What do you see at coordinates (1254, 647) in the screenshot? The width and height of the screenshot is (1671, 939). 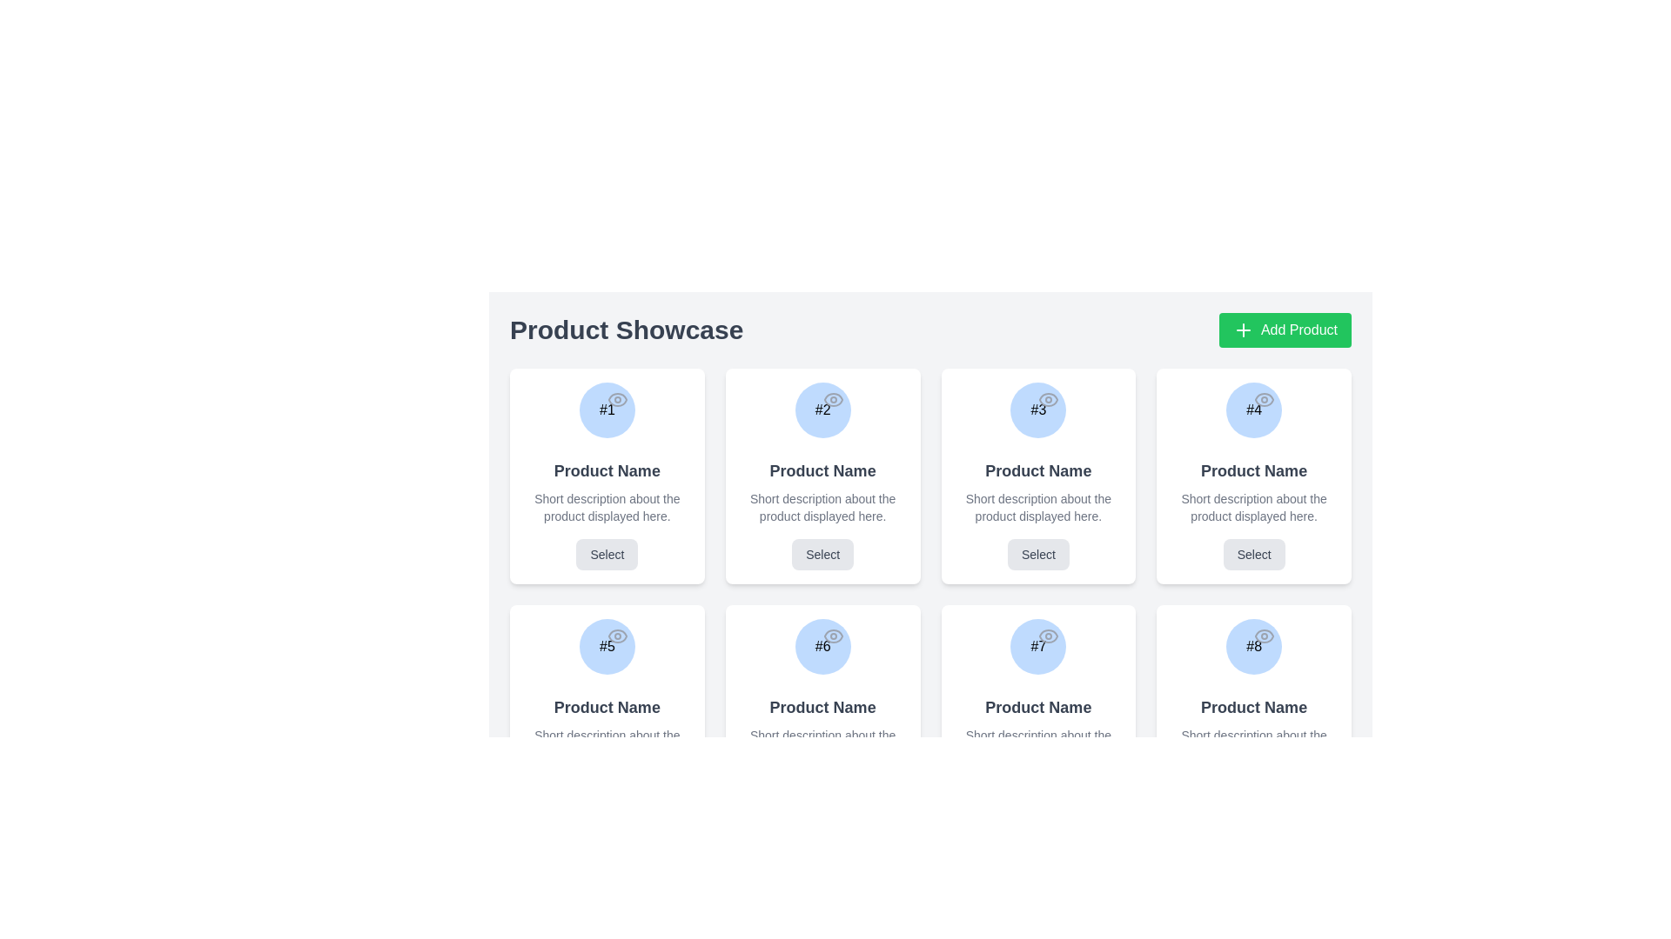 I see `the text label inside the decorative icon located in the eighth card of the grid layout, which serves as a numerical identifier for the card` at bounding box center [1254, 647].